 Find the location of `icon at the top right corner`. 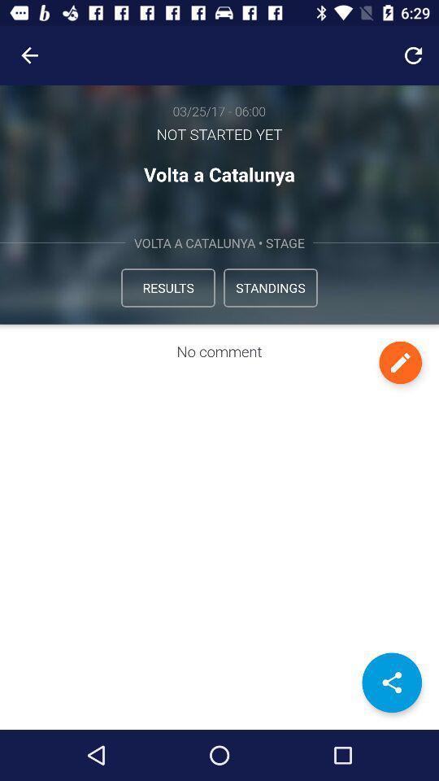

icon at the top right corner is located at coordinates (413, 55).